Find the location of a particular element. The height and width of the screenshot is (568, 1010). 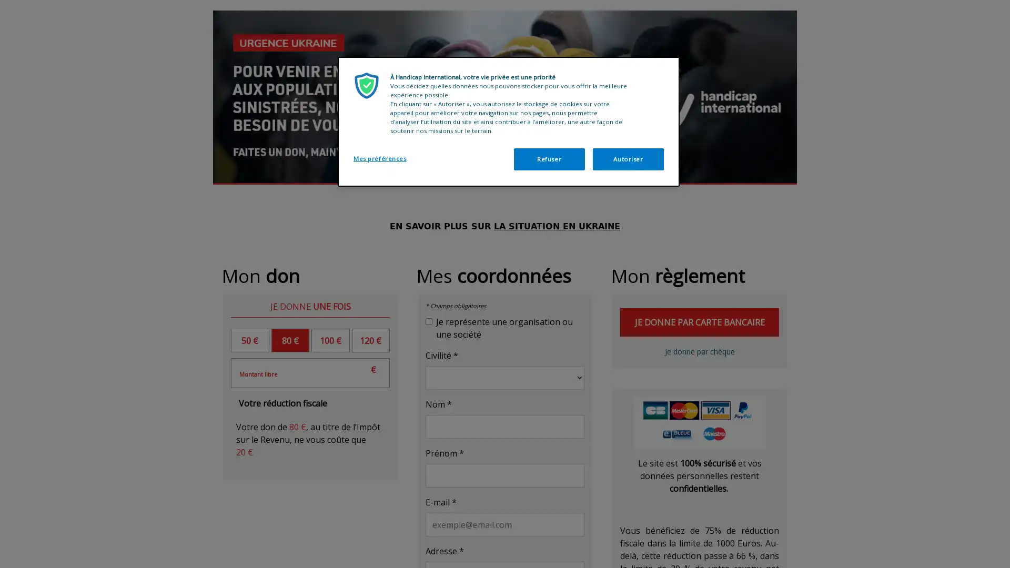

50 is located at coordinates (249, 340).